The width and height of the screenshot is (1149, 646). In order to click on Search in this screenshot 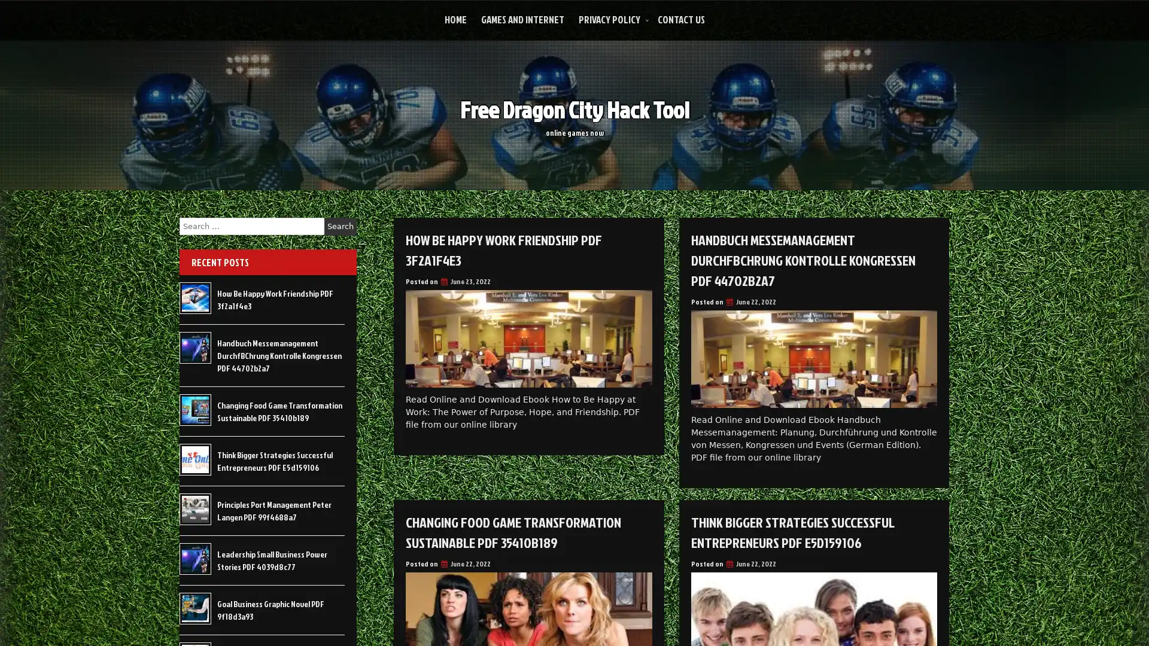, I will do `click(340, 226)`.